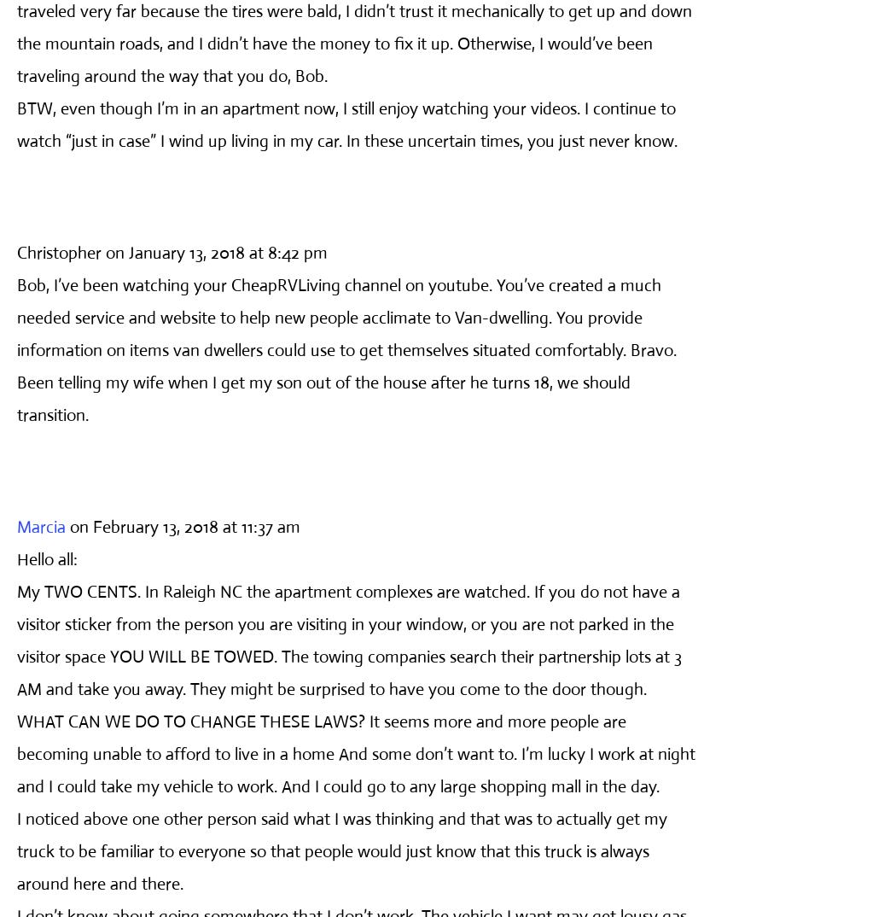 This screenshot has width=896, height=917. What do you see at coordinates (16, 252) in the screenshot?
I see `'Christopher'` at bounding box center [16, 252].